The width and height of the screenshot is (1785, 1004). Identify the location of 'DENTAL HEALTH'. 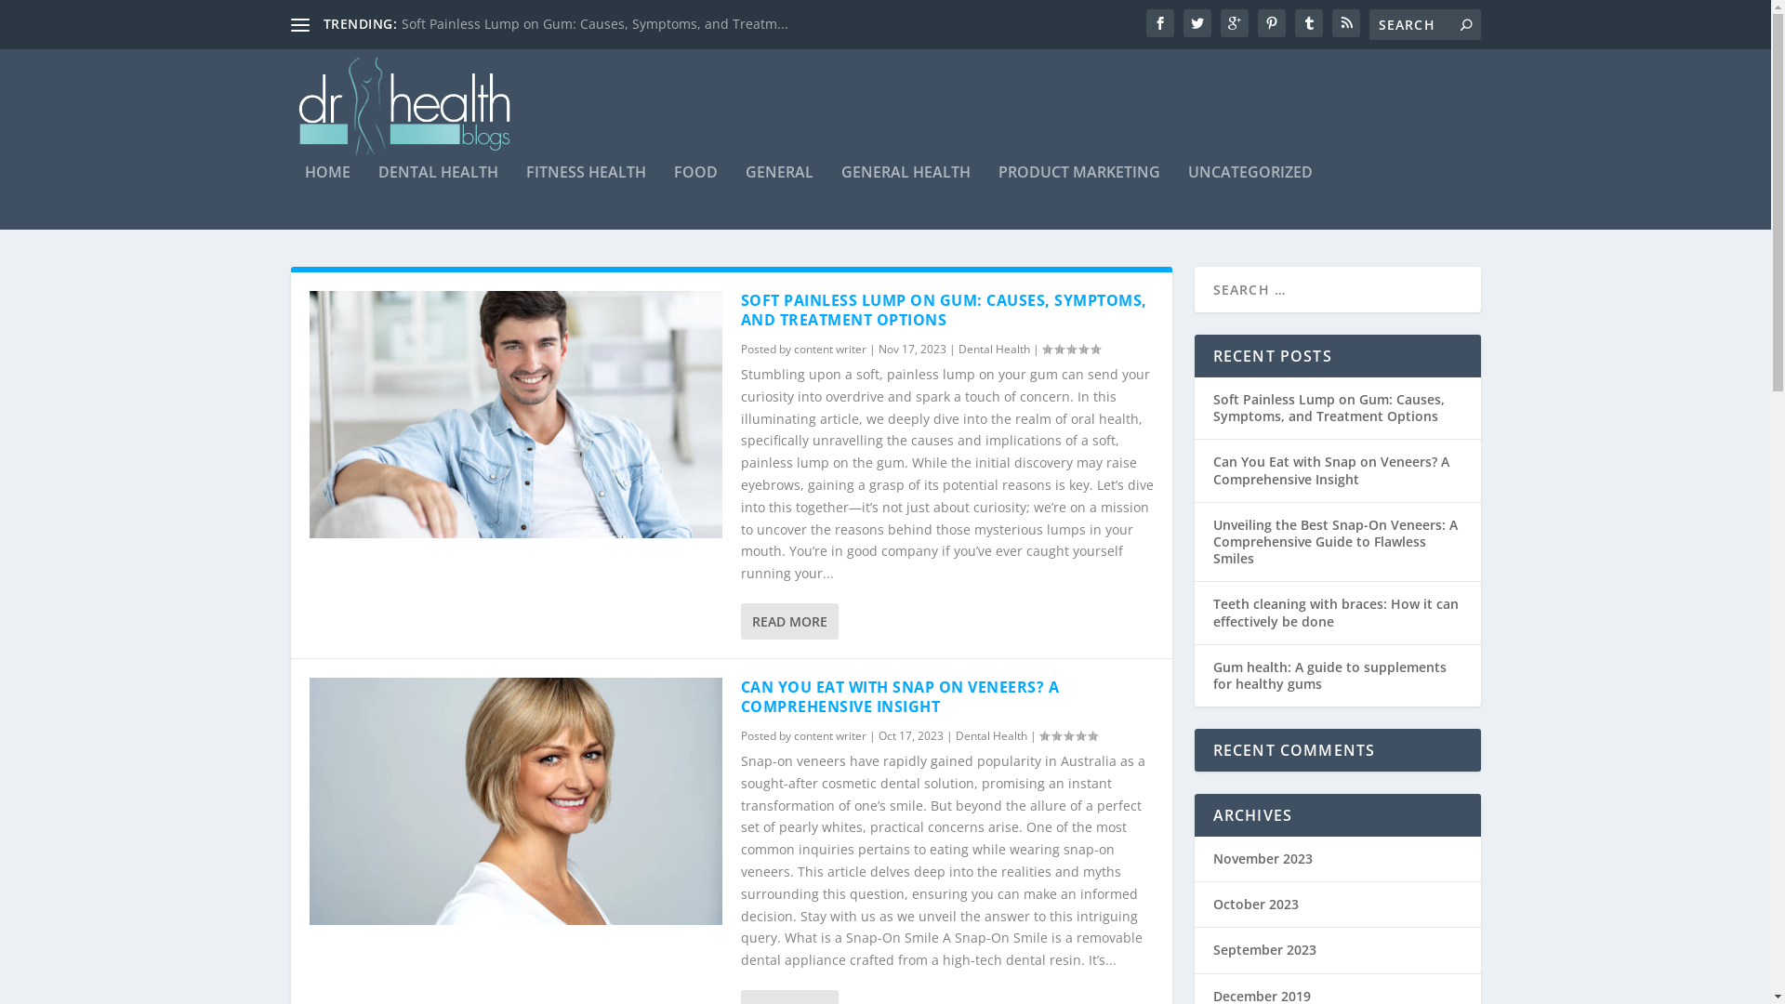
(436, 197).